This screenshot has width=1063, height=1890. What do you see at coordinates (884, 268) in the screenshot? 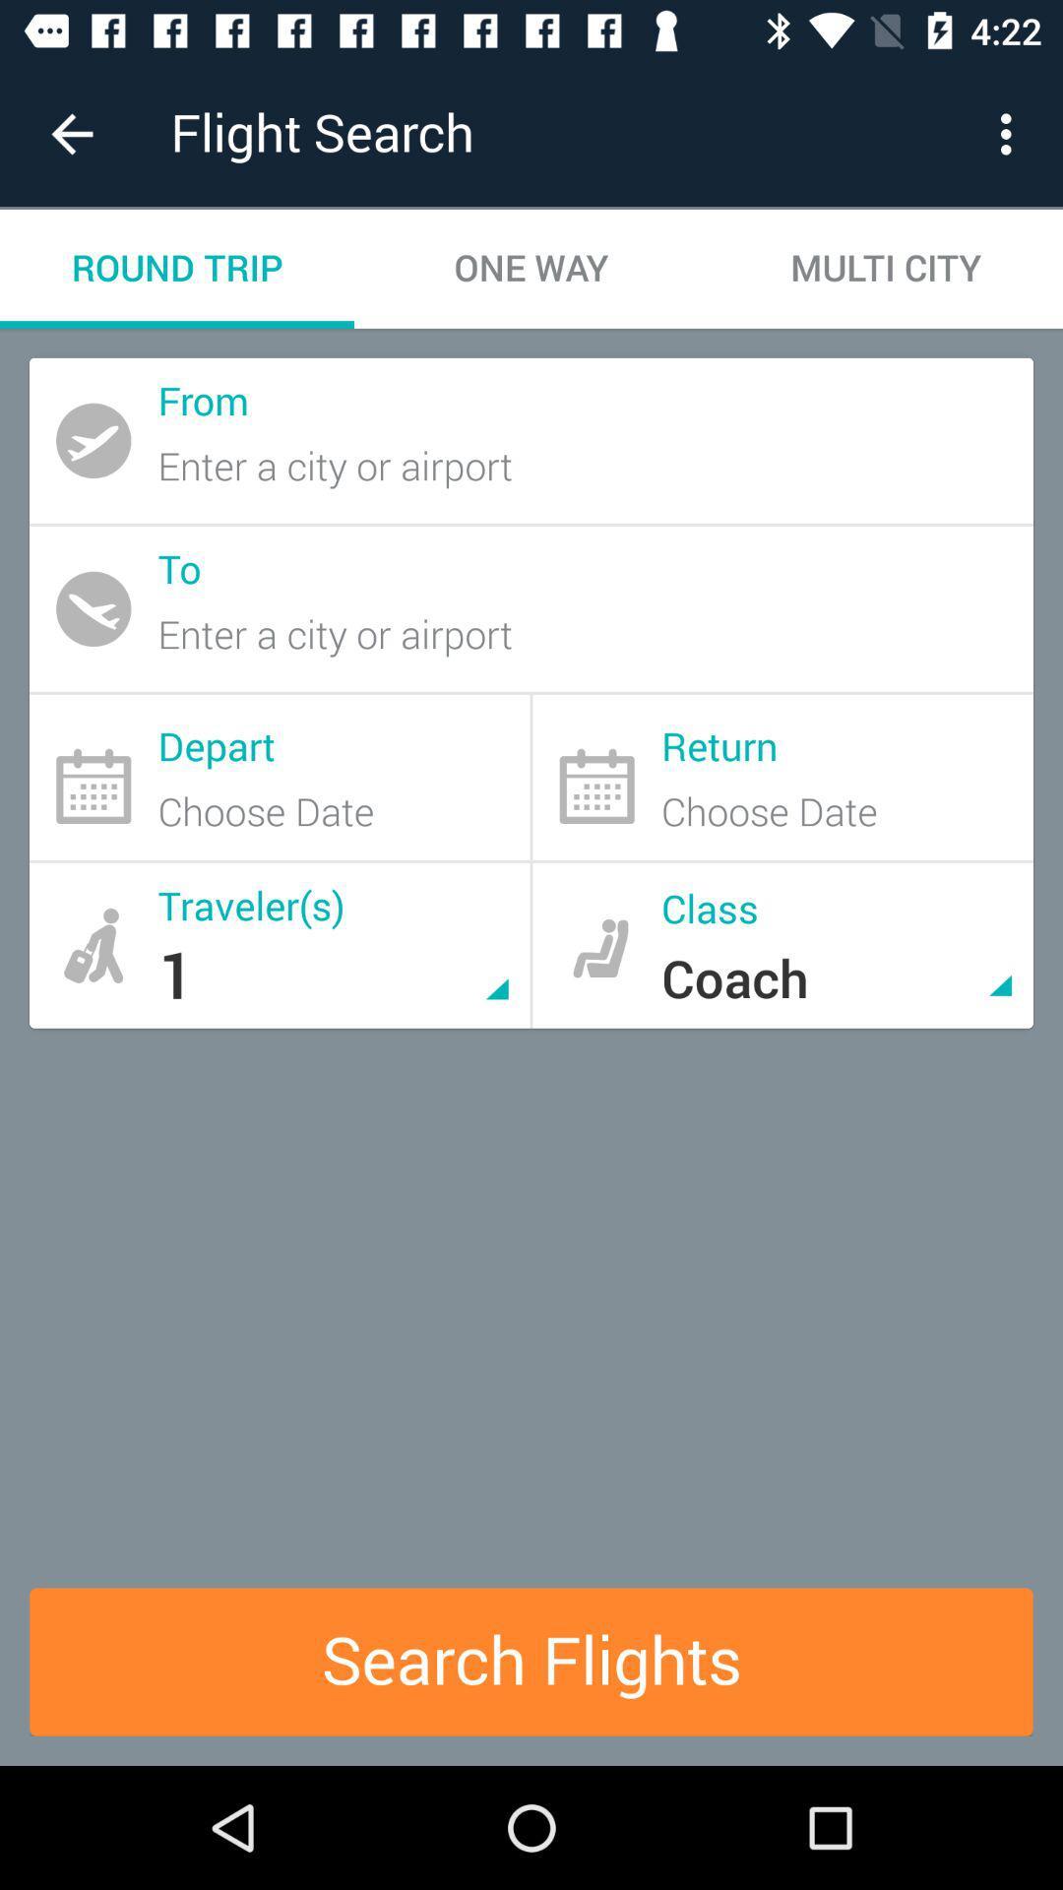
I see `item next to the one way item` at bounding box center [884, 268].